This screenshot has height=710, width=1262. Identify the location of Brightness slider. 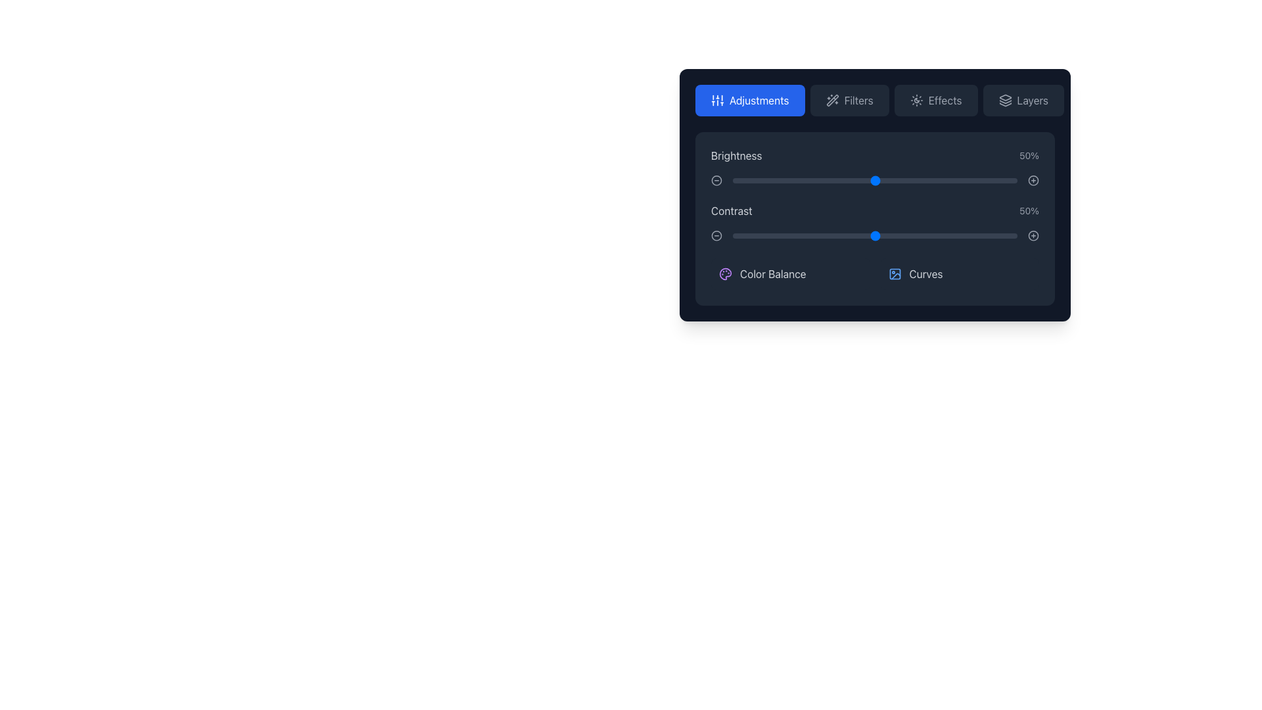
(971, 180).